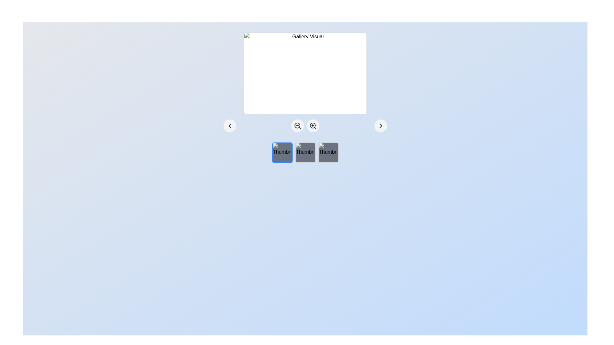 The image size is (614, 345). I want to click on the farthest-right circular navigation button to advance through the carousel or gallery, so click(381, 126).